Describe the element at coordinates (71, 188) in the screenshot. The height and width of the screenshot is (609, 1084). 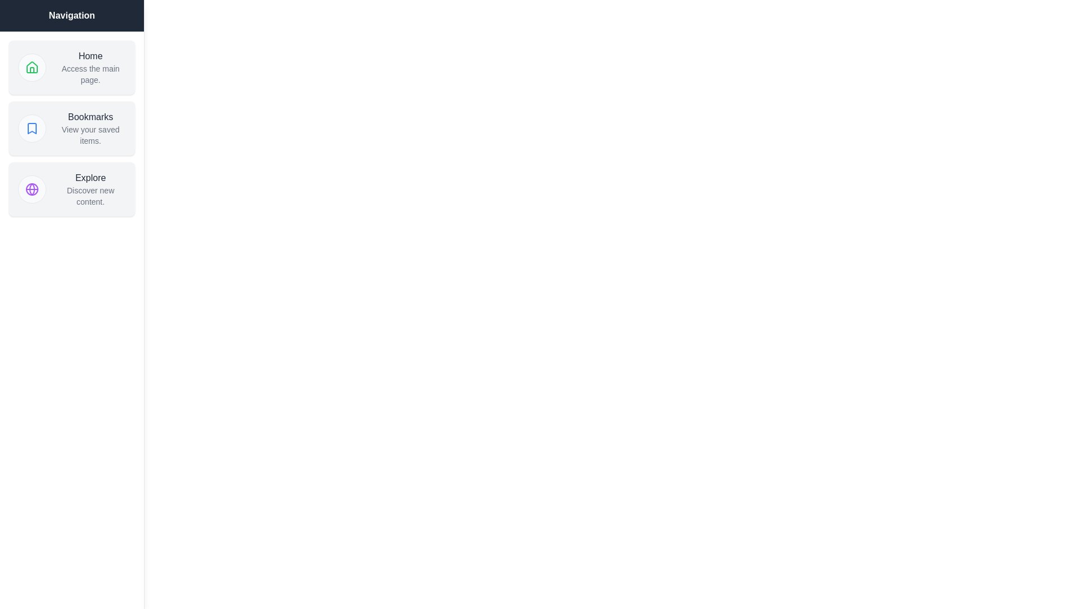
I see `the 'Explore' menu item in the navigation drawer` at that location.